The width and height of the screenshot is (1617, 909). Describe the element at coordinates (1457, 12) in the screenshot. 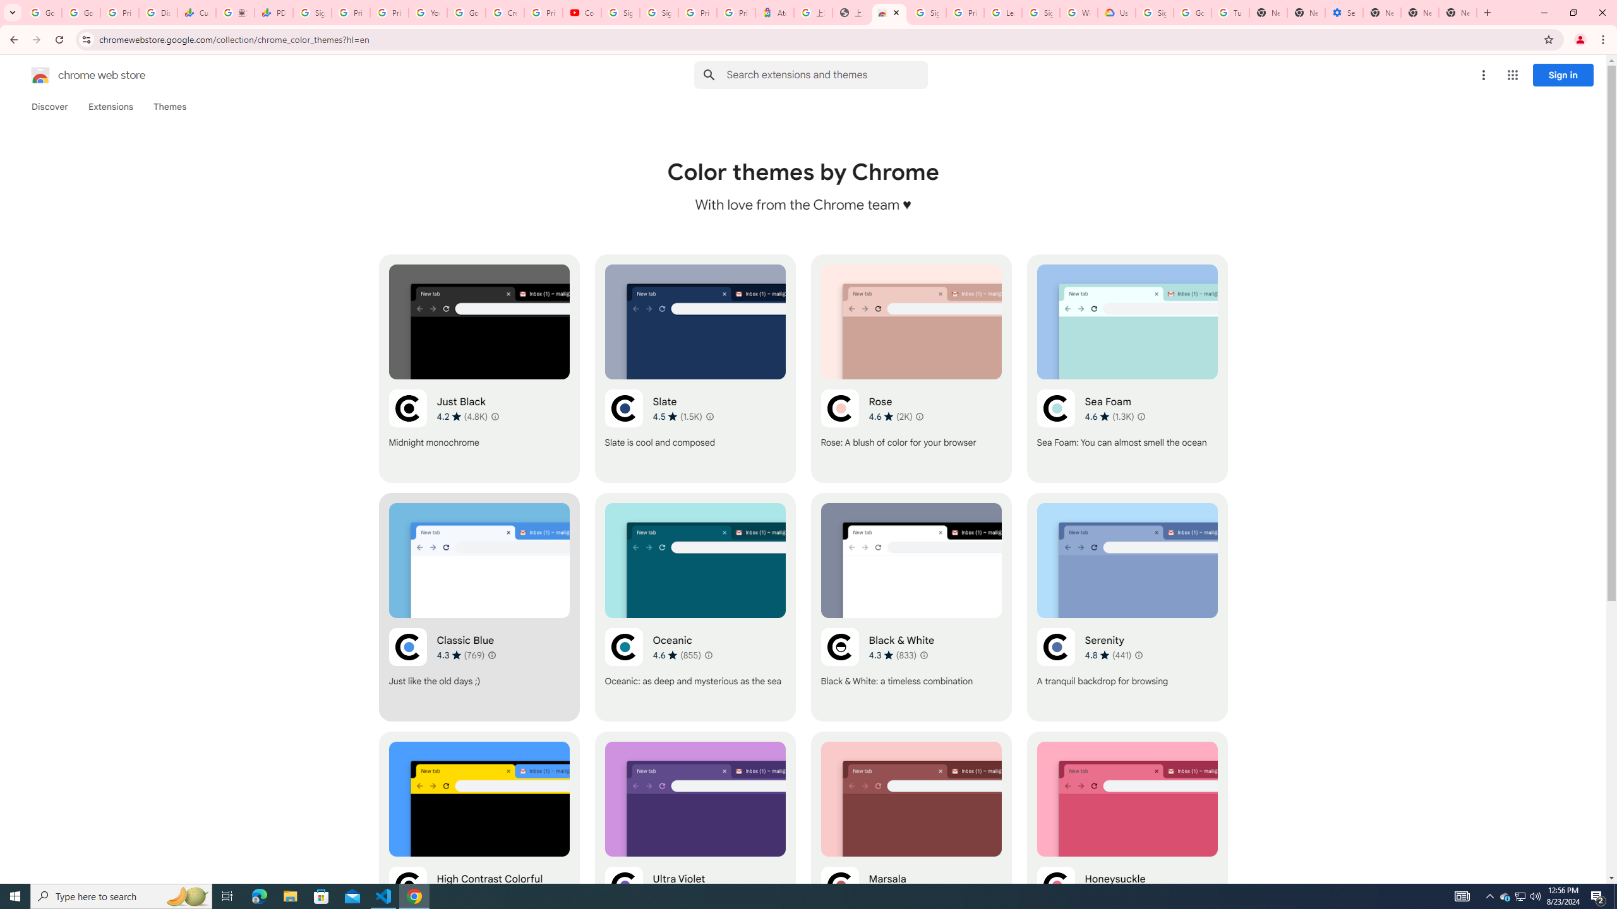

I see `'New Tab'` at that location.